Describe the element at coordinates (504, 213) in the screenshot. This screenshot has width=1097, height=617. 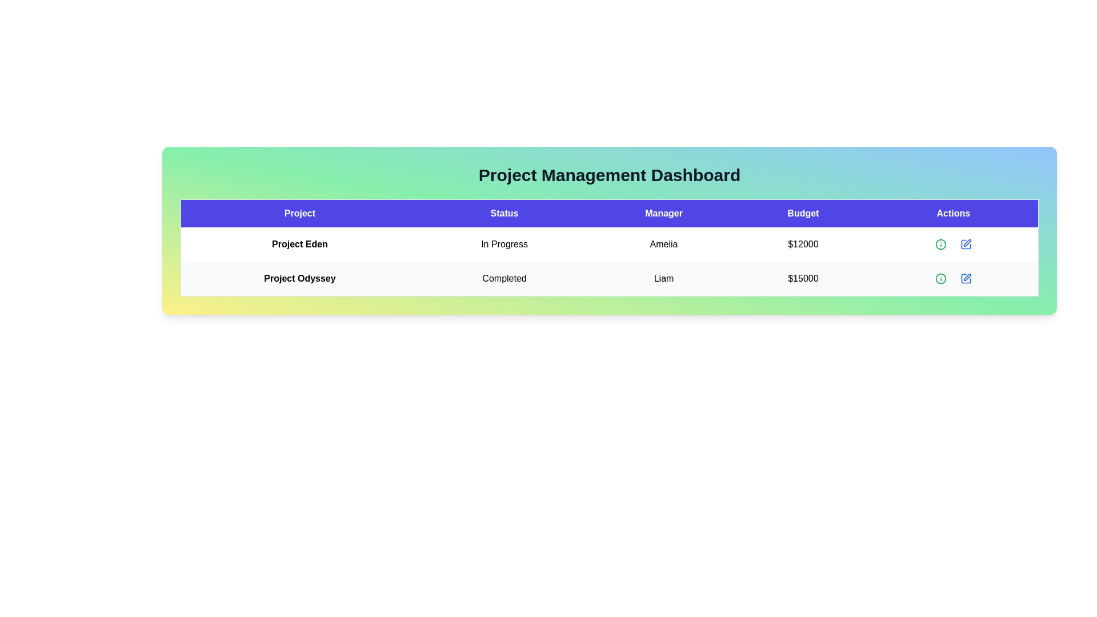
I see `the 'Status' header text label in the table` at that location.